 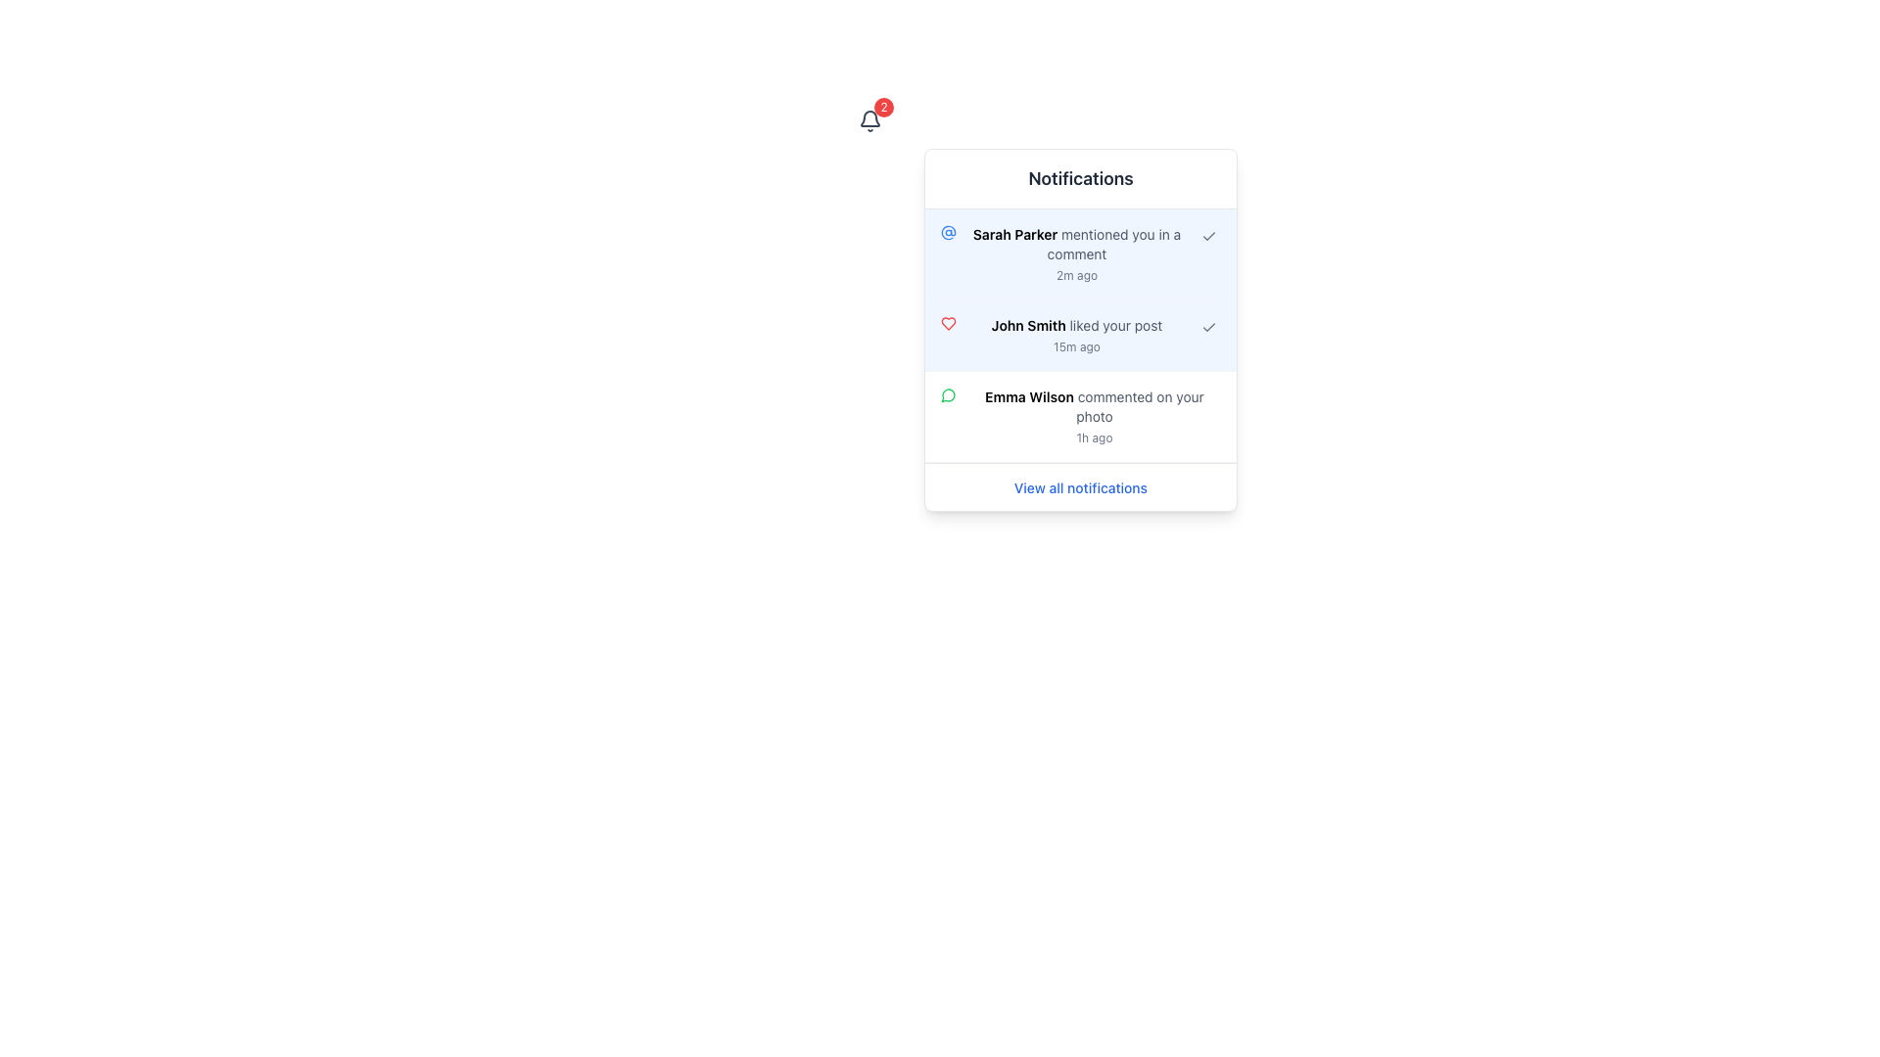 I want to click on the round icon with a checkmark inside it, located at the far right of the notification entry that says "John Smith liked your post 15m ago," to mark the notification as read, so click(x=1207, y=327).